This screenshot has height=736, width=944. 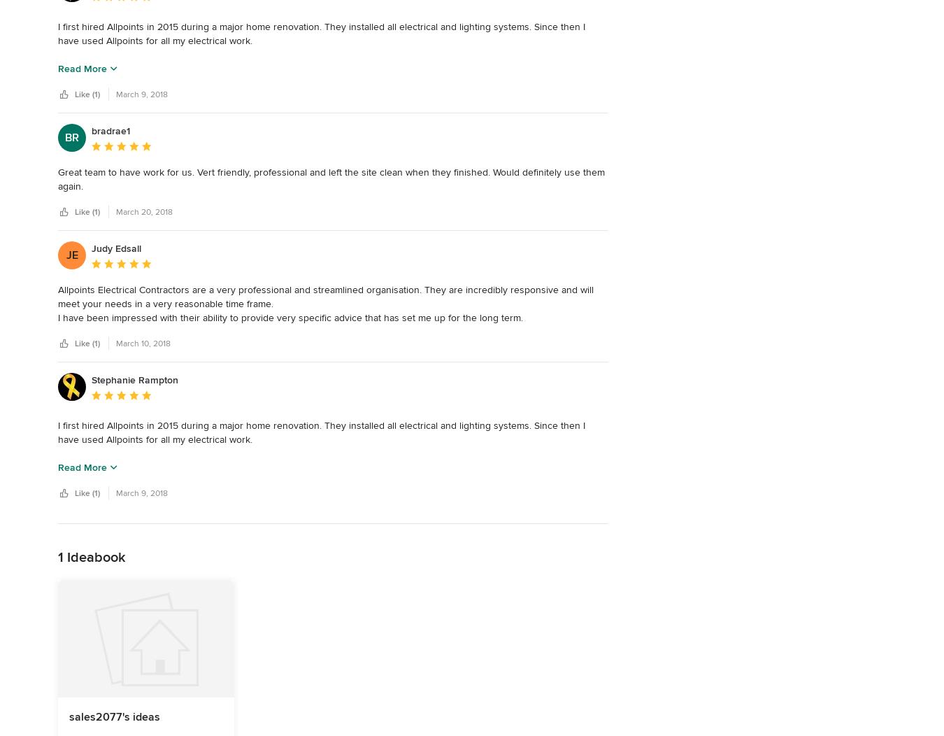 What do you see at coordinates (332, 178) in the screenshot?
I see `'Great team to have work for us. Vert friendly, professional and left the site clean when they finished. Would definitely use them again.'` at bounding box center [332, 178].